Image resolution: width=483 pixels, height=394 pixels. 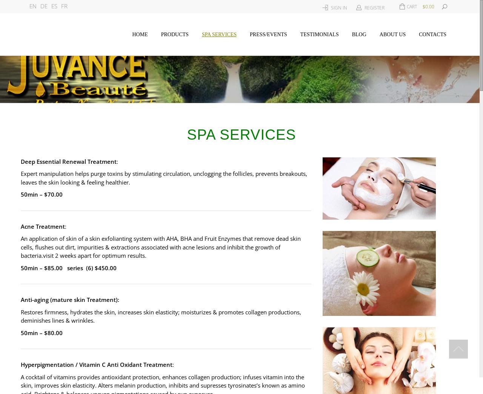 What do you see at coordinates (160, 246) in the screenshot?
I see `'An application of skin of a skin exfolianting system with AHA, BHA and Fruit Enzymes that remove dead skin cells, flushes out dirt, impurities & extractions associated with acne lesions and inhibit the growth of bacteria.visit 2 weeks apart for optimum results.'` at bounding box center [160, 246].